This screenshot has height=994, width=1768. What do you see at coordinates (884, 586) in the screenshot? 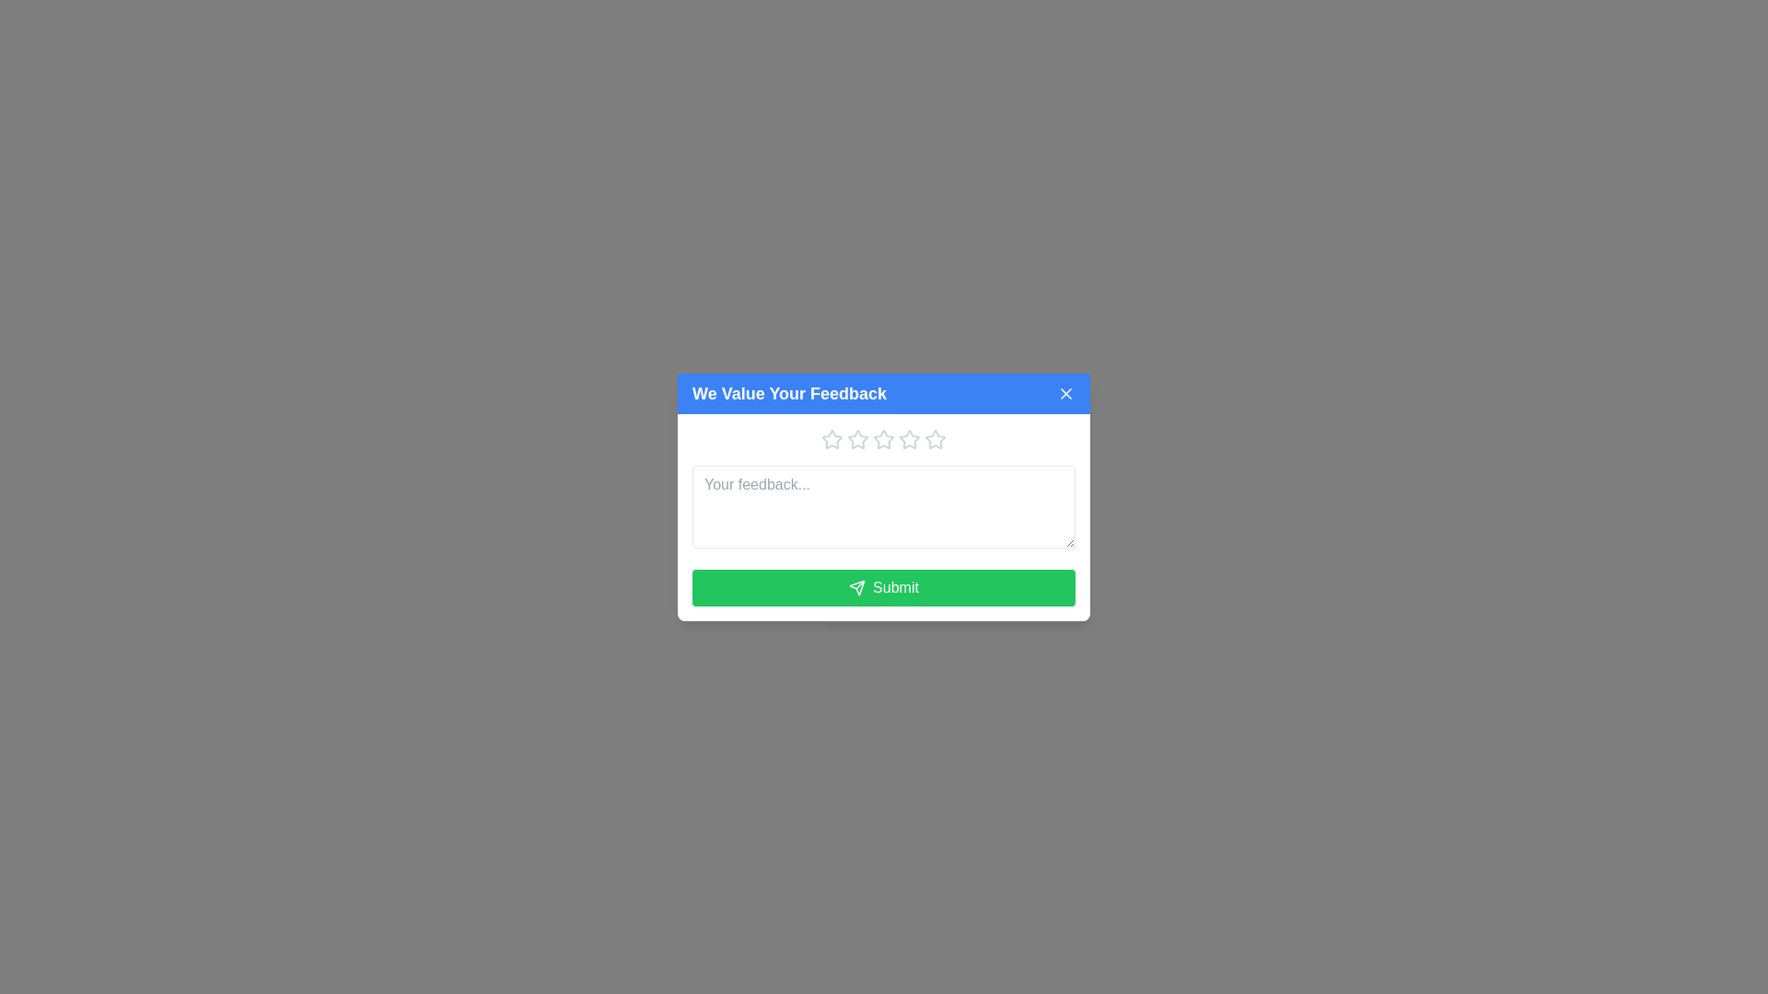
I see `the submit button located at the bottom of the visible modal` at bounding box center [884, 586].